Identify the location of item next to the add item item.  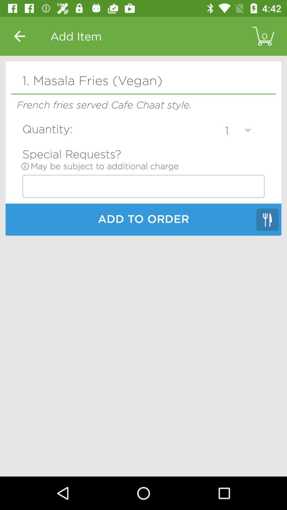
(19, 36).